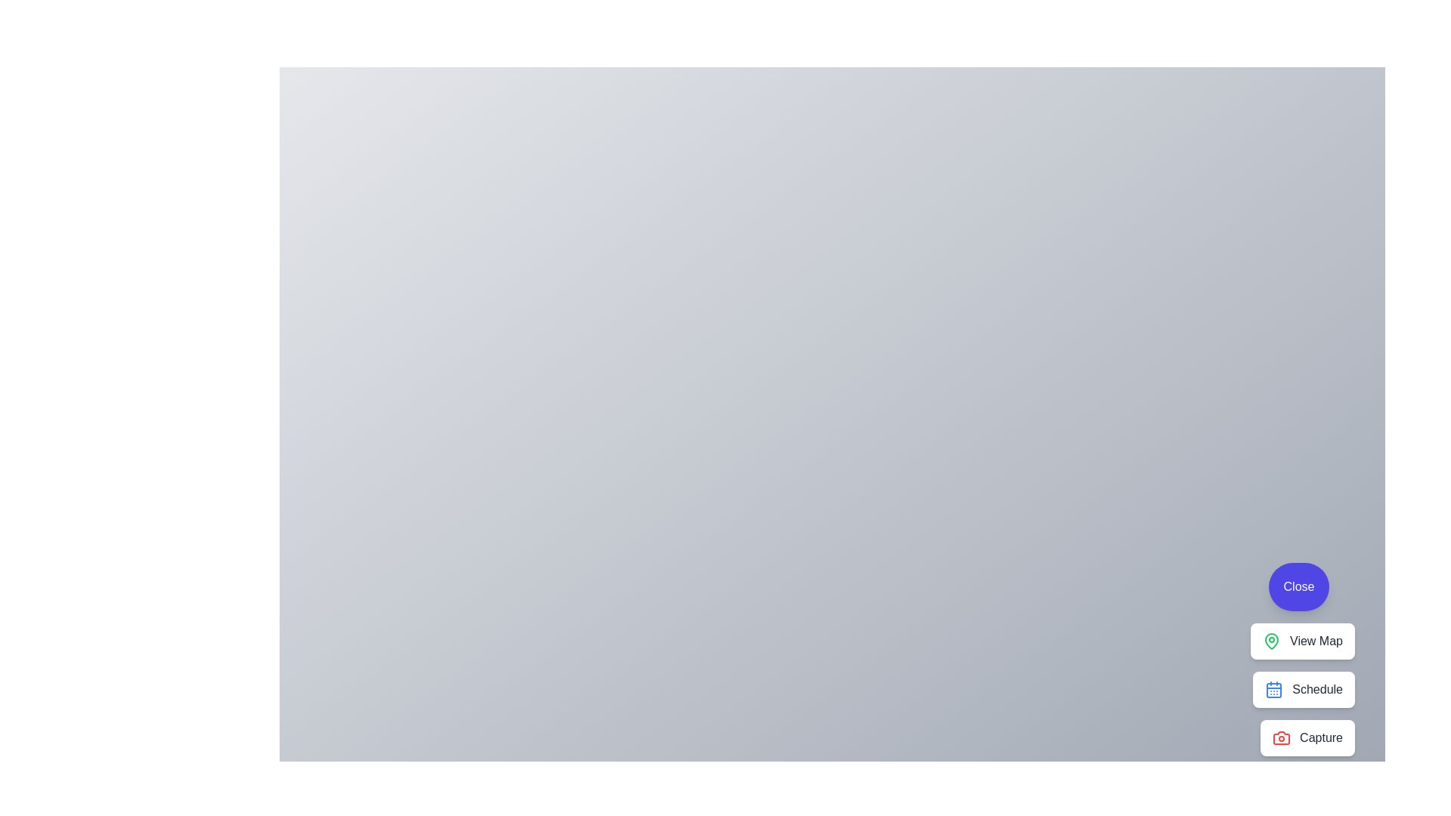  Describe the element at coordinates (1306, 737) in the screenshot. I see `the 'Capture' option to access photo capturing features` at that location.